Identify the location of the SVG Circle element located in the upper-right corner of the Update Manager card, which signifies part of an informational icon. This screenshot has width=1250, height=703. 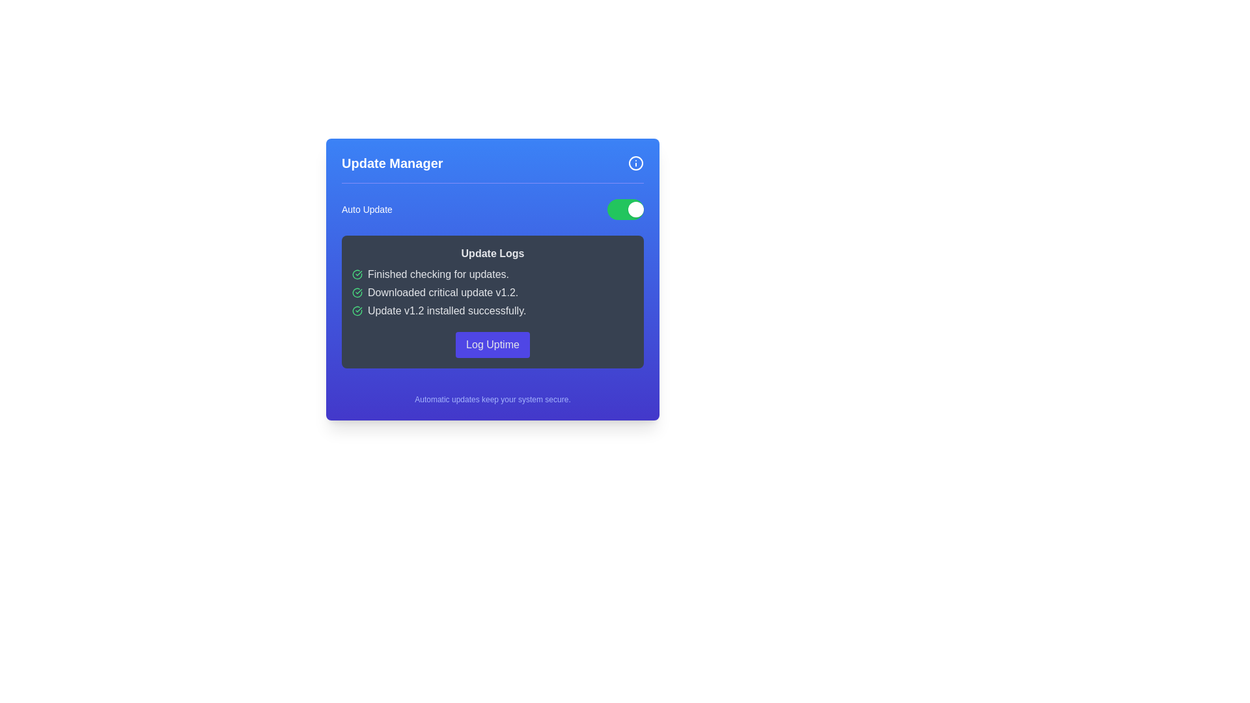
(636, 162).